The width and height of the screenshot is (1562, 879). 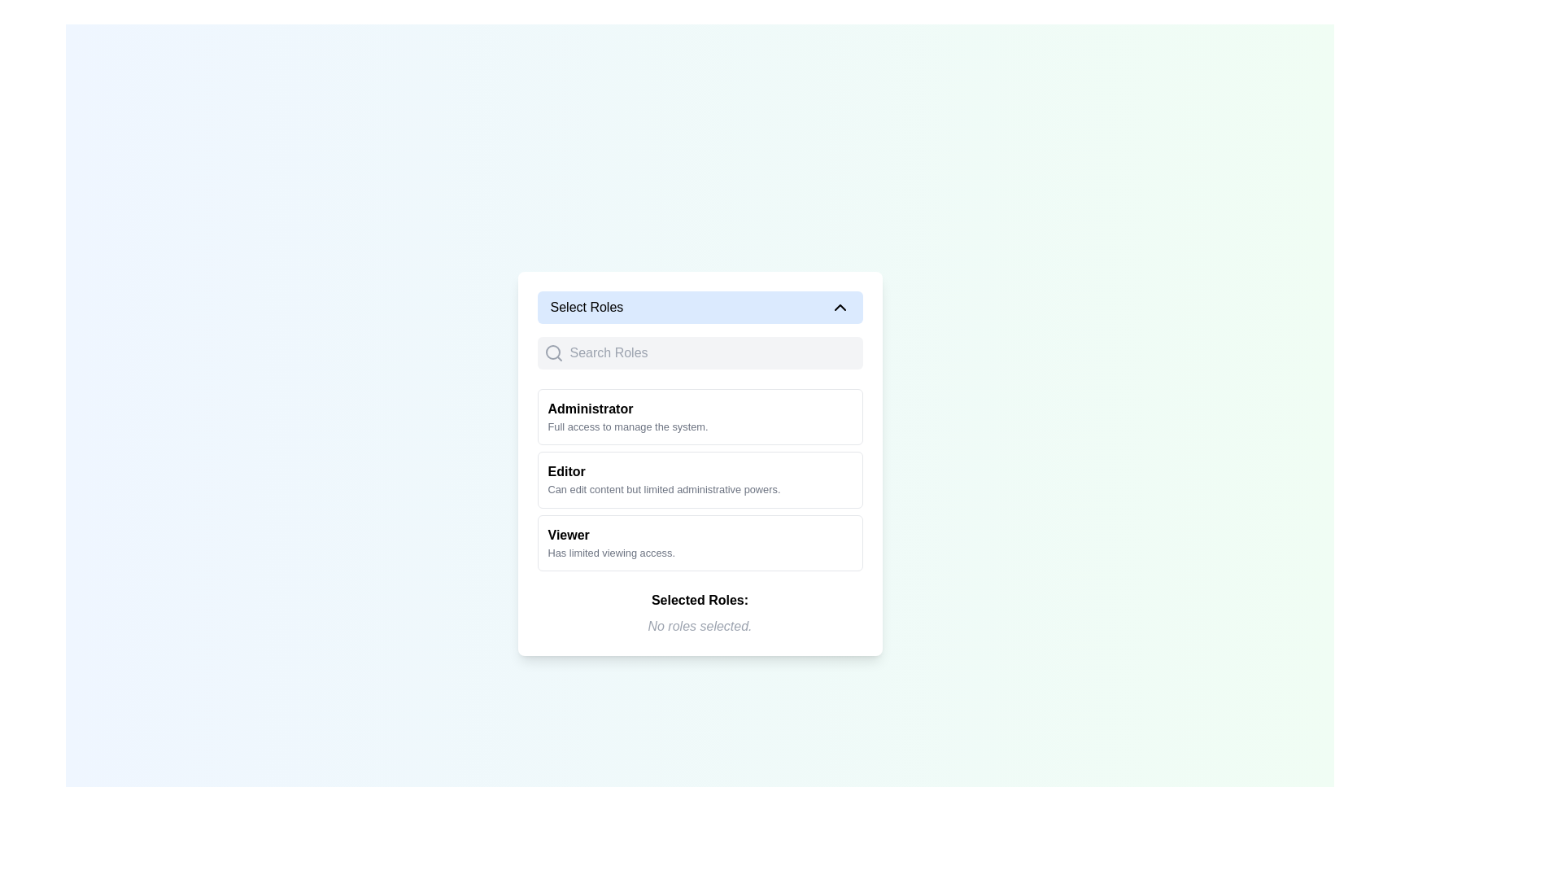 I want to click on the selectable role option displaying 'Editor' with the description 'Can edit content but limited administrative powers.', so click(x=700, y=479).